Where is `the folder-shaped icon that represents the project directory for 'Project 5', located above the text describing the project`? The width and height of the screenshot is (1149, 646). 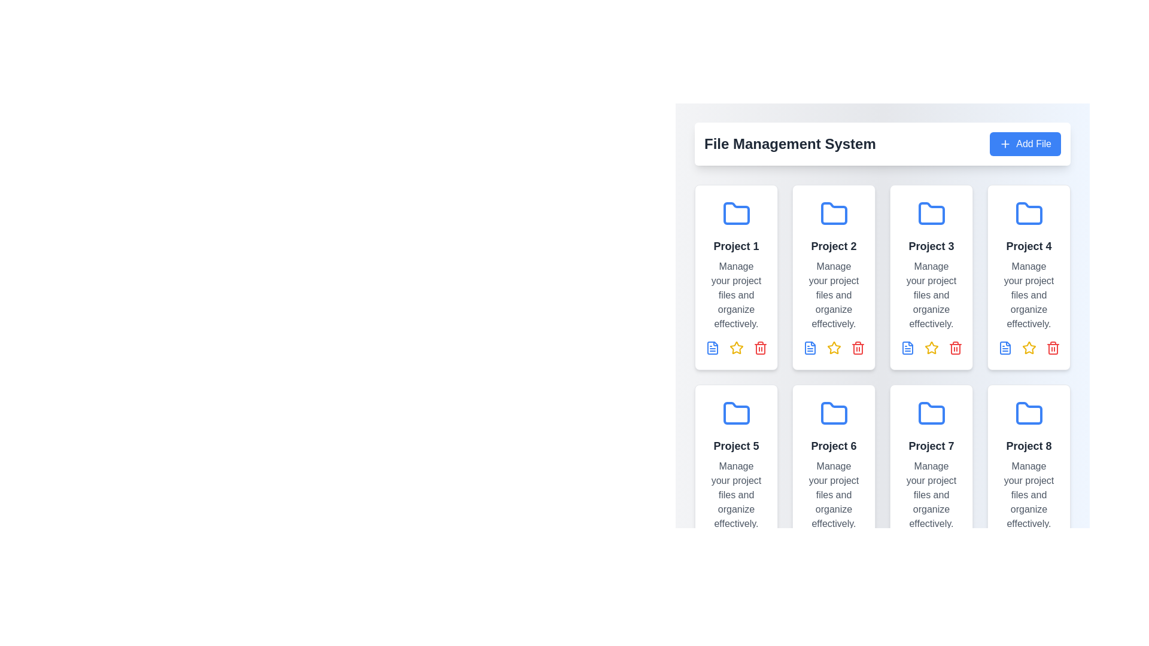 the folder-shaped icon that represents the project directory for 'Project 5', located above the text describing the project is located at coordinates (735, 413).